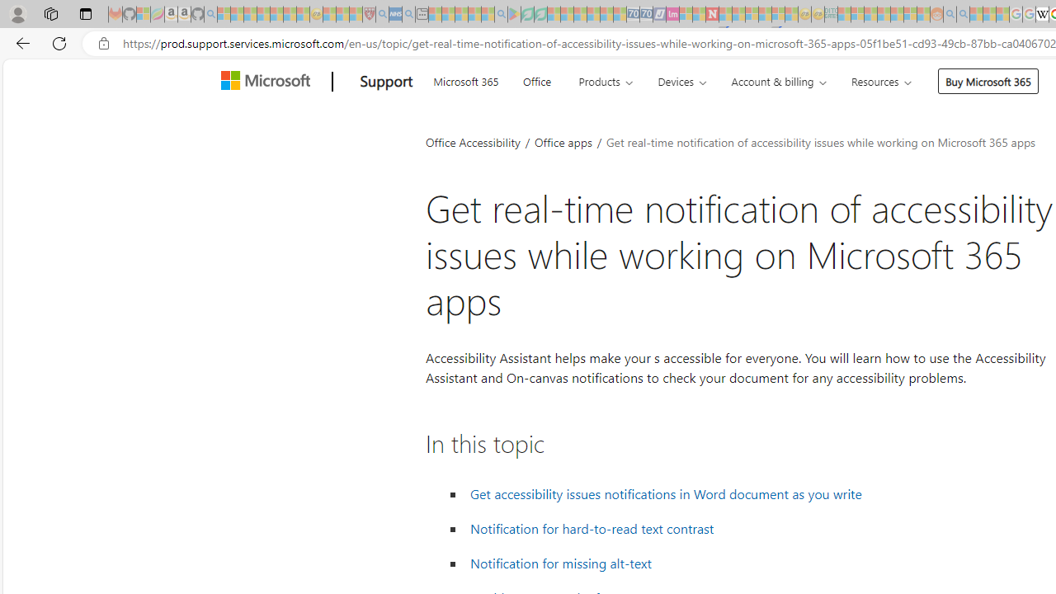 The image size is (1056, 594). What do you see at coordinates (472, 141) in the screenshot?
I see `'Office Accessibility'` at bounding box center [472, 141].